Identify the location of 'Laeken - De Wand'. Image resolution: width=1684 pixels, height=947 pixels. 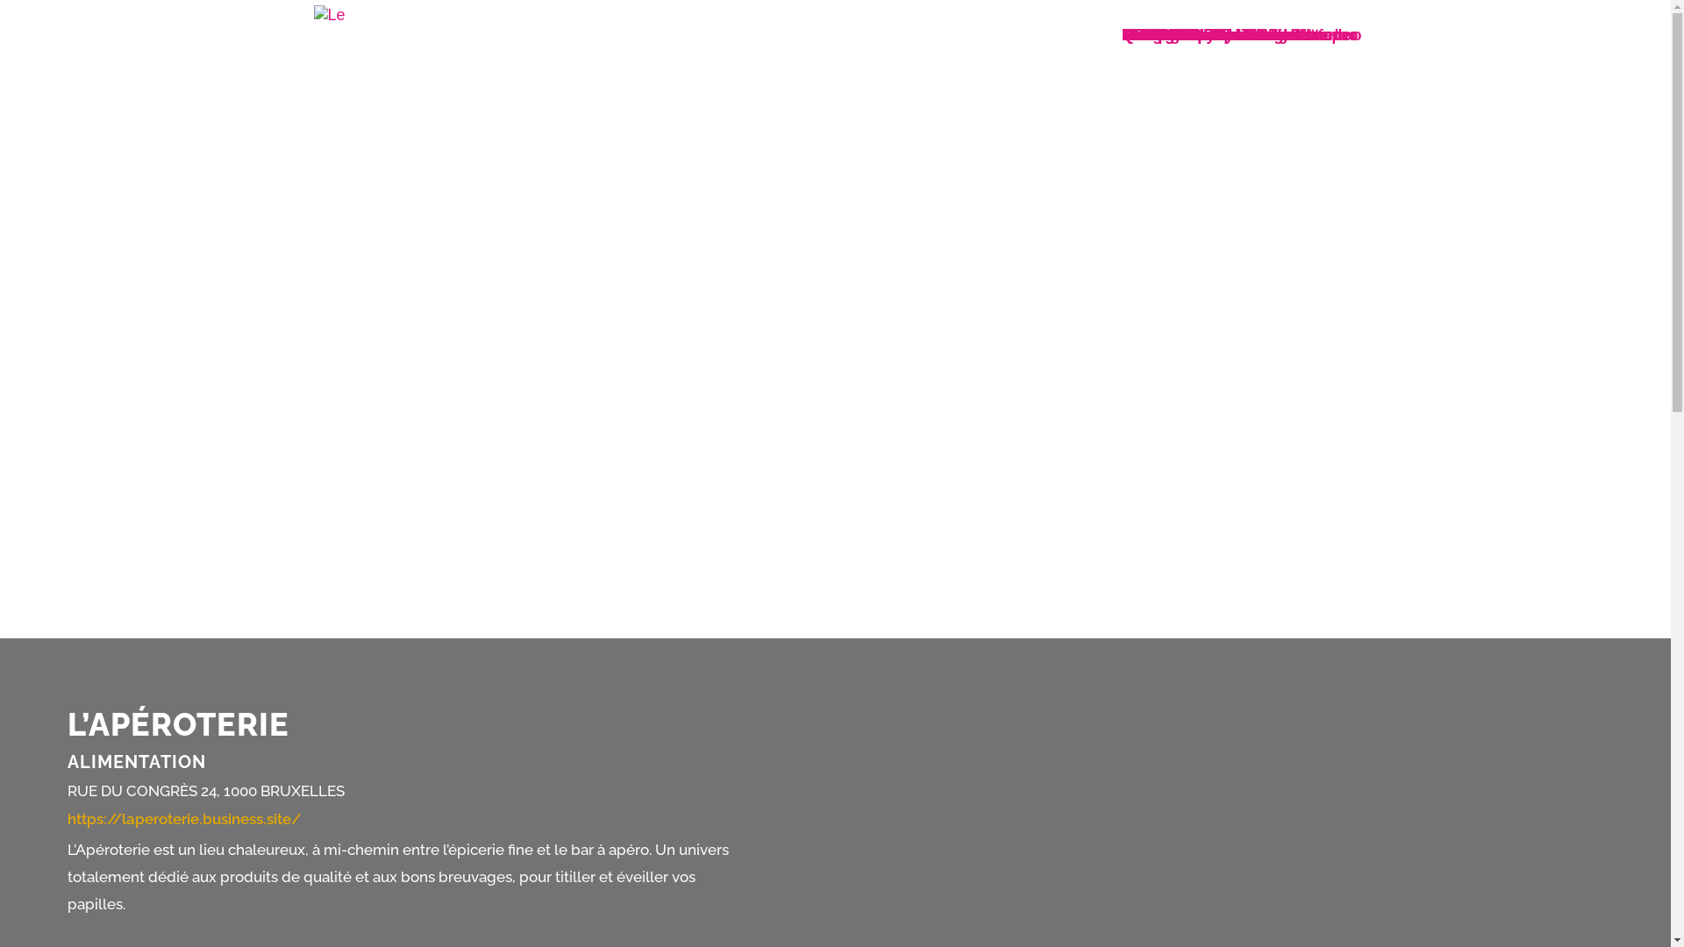
(1189, 34).